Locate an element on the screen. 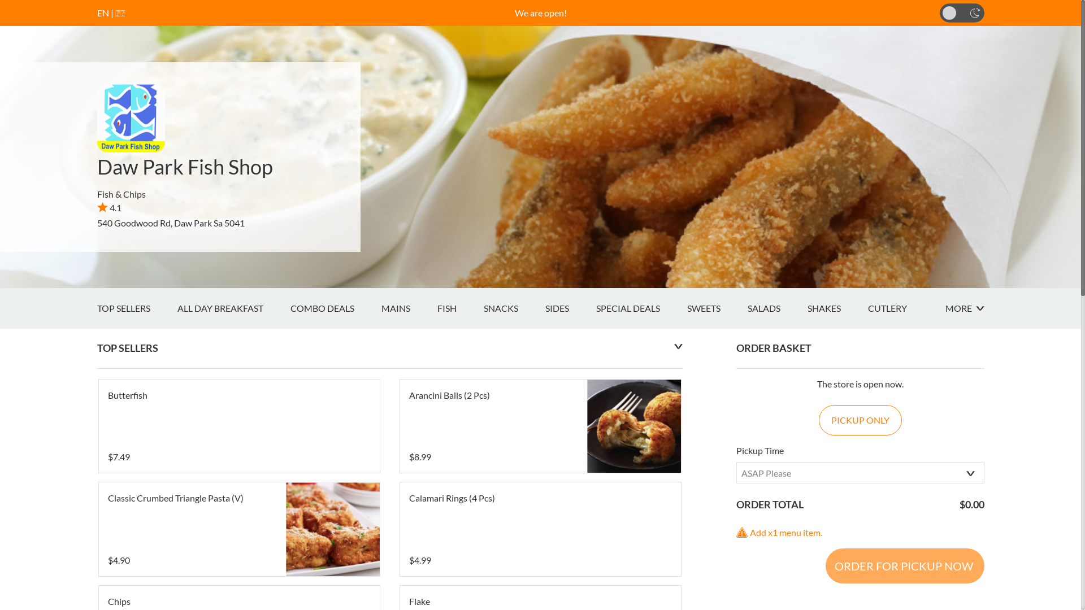 The image size is (1085, 610). 'Calamari Rings (4 Pcs) is located at coordinates (540, 529).